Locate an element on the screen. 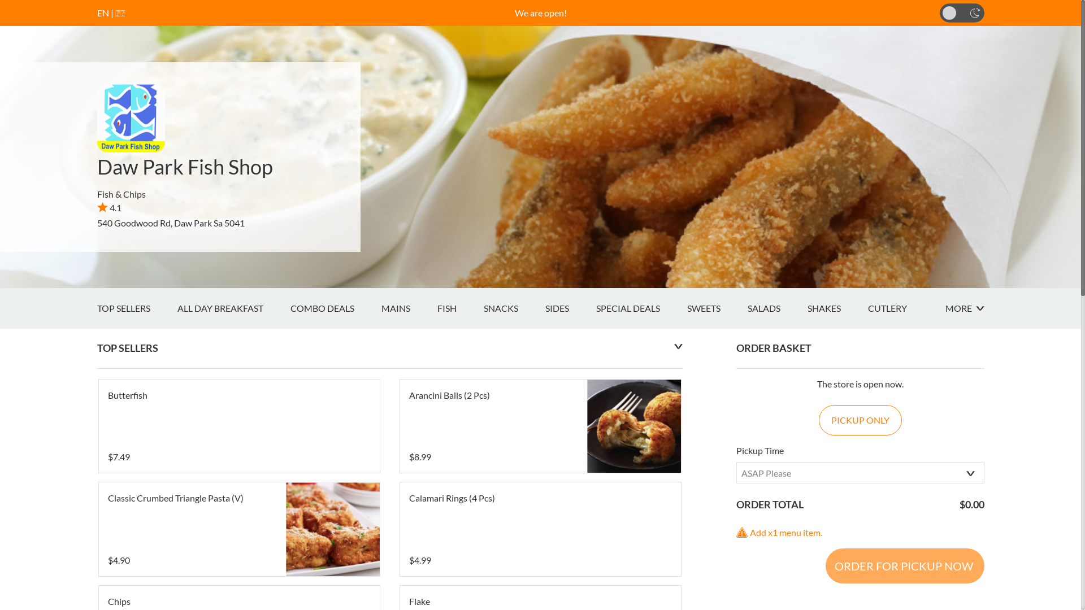 The image size is (1085, 610). 'Calamari Rings (4 Pcs) is located at coordinates (540, 529).